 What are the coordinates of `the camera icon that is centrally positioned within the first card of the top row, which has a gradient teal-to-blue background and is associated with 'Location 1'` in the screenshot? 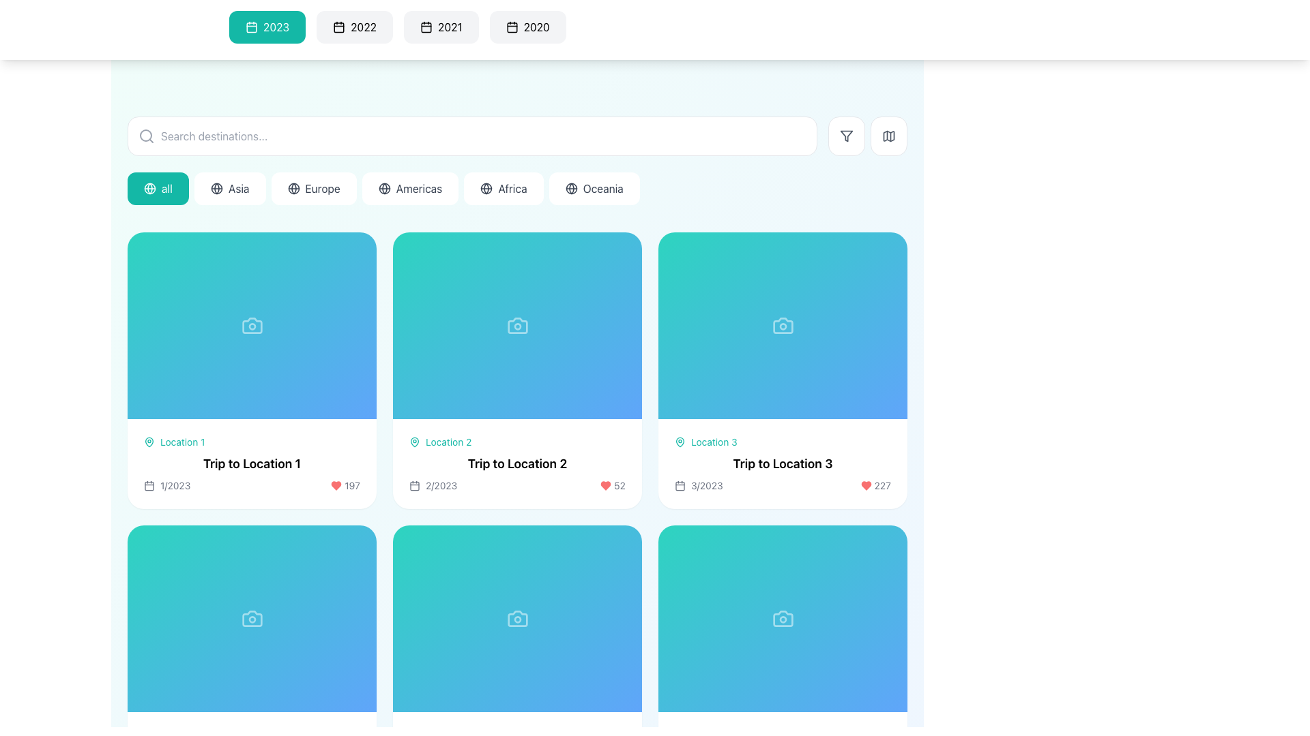 It's located at (252, 325).